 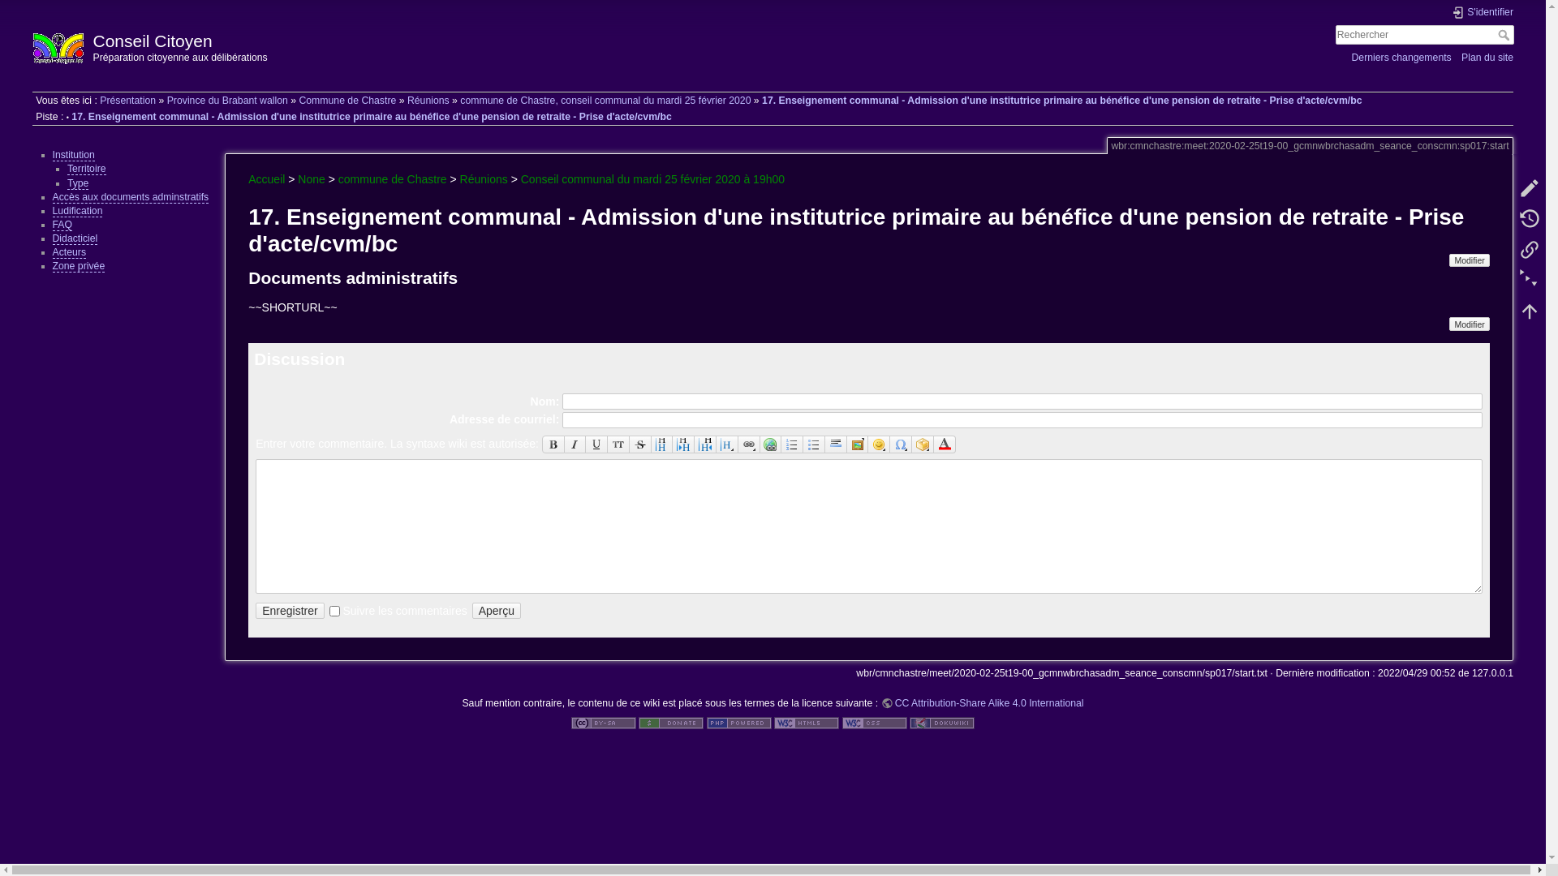 What do you see at coordinates (942, 721) in the screenshot?
I see `'Driven by DokuWiki'` at bounding box center [942, 721].